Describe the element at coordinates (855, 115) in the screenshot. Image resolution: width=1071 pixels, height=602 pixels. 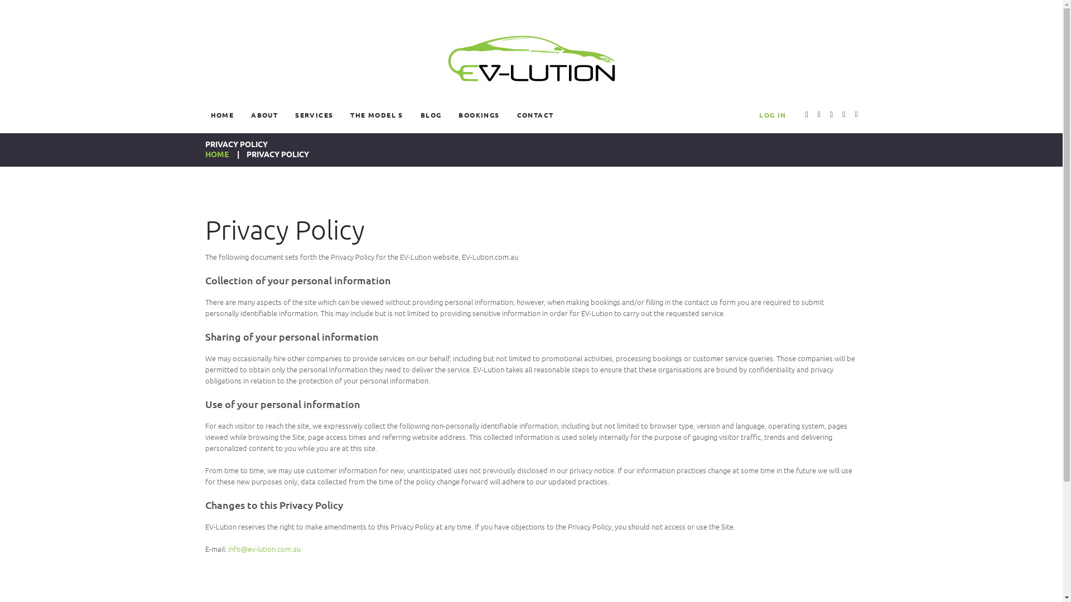
I see `'facebook'` at that location.